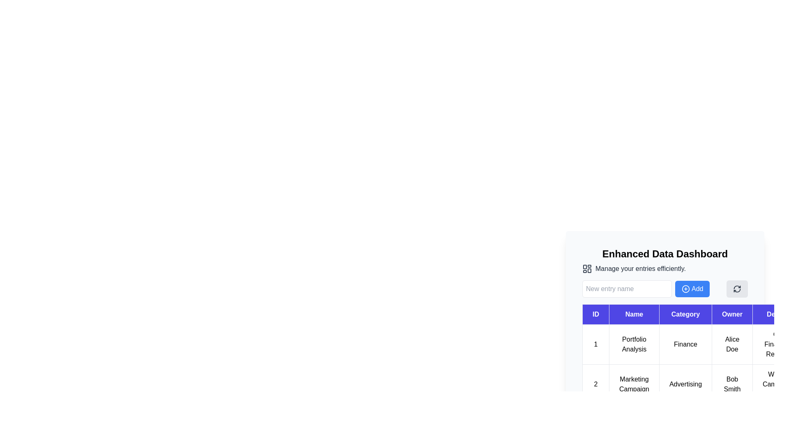 The width and height of the screenshot is (789, 444). Describe the element at coordinates (665, 260) in the screenshot. I see `information displayed in the Header titled 'Enhanced Data Dashboard' with the subtitle 'Manage your entries efficiently.'` at that location.